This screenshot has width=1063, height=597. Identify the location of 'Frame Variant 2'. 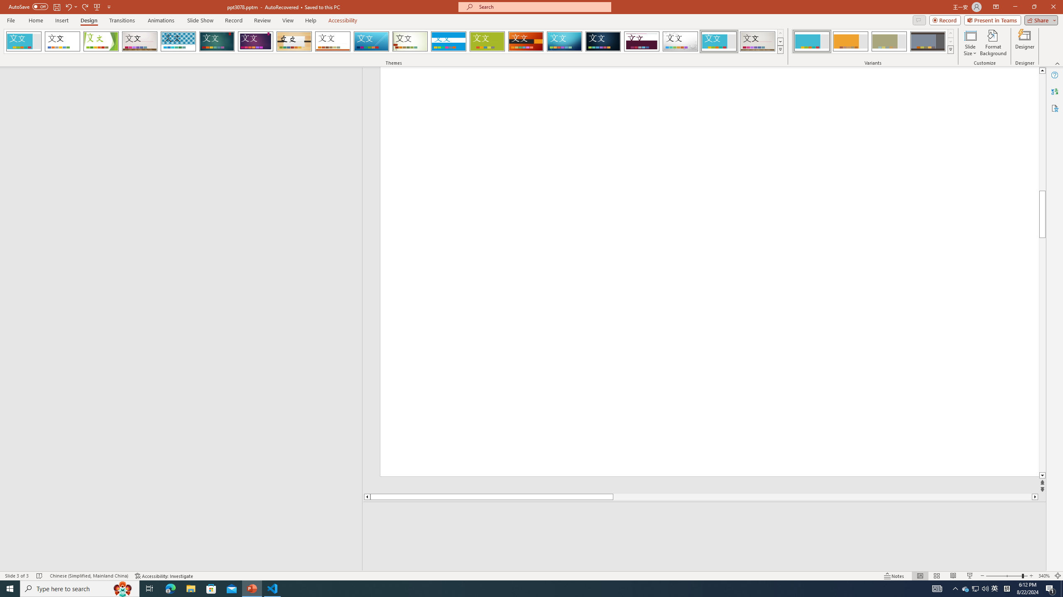
(850, 41).